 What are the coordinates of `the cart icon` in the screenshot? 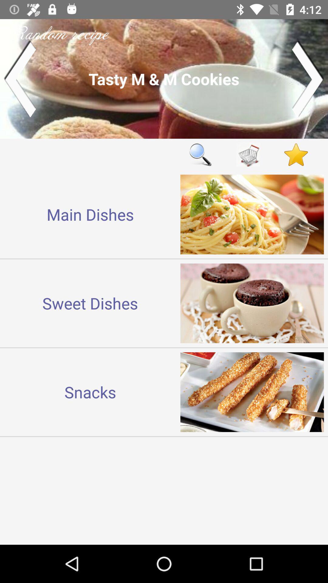 It's located at (248, 155).